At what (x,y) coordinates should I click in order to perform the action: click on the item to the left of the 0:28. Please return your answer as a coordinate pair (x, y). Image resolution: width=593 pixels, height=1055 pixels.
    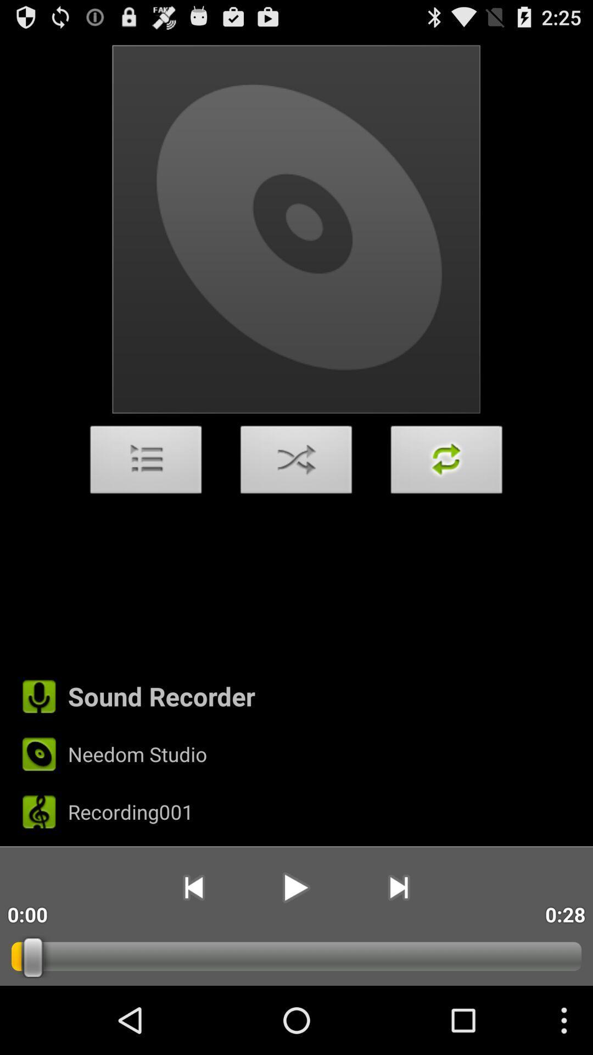
    Looking at the image, I should click on (399, 887).